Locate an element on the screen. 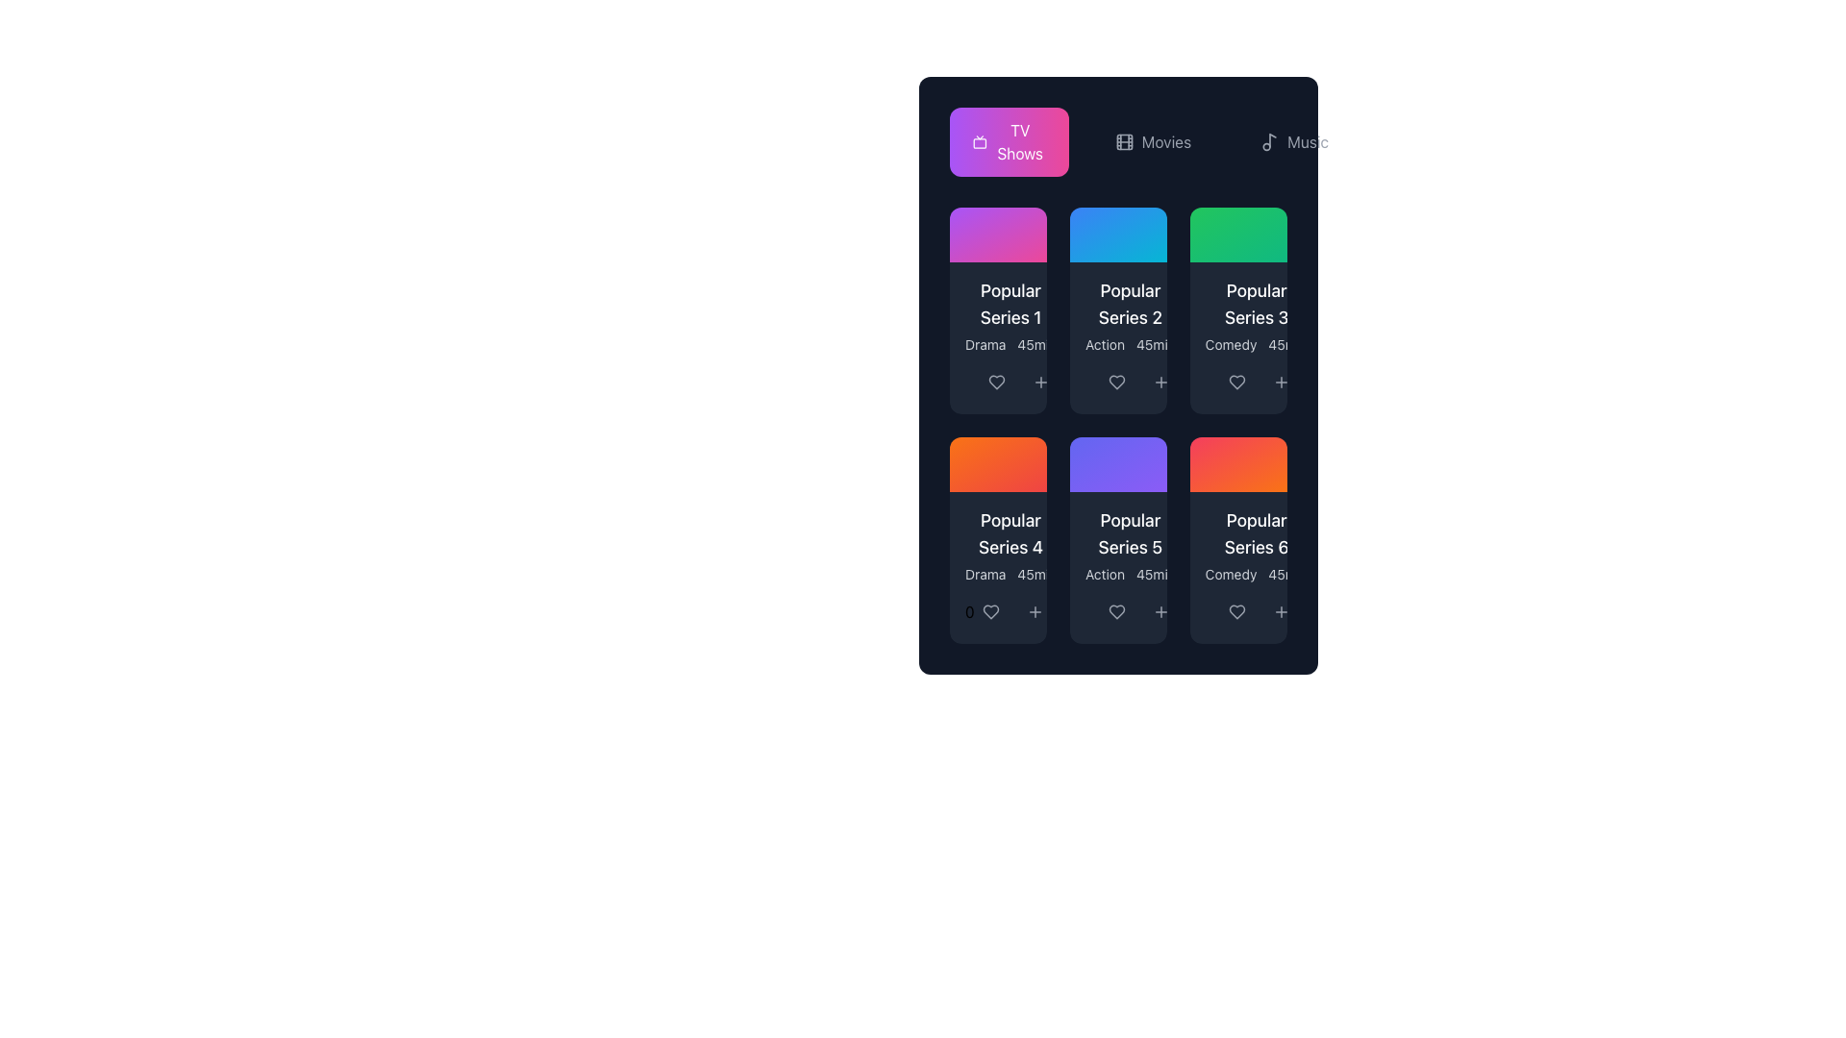  the Card element representing a media item from the second row, second column of the grid layout is located at coordinates (1118, 424).